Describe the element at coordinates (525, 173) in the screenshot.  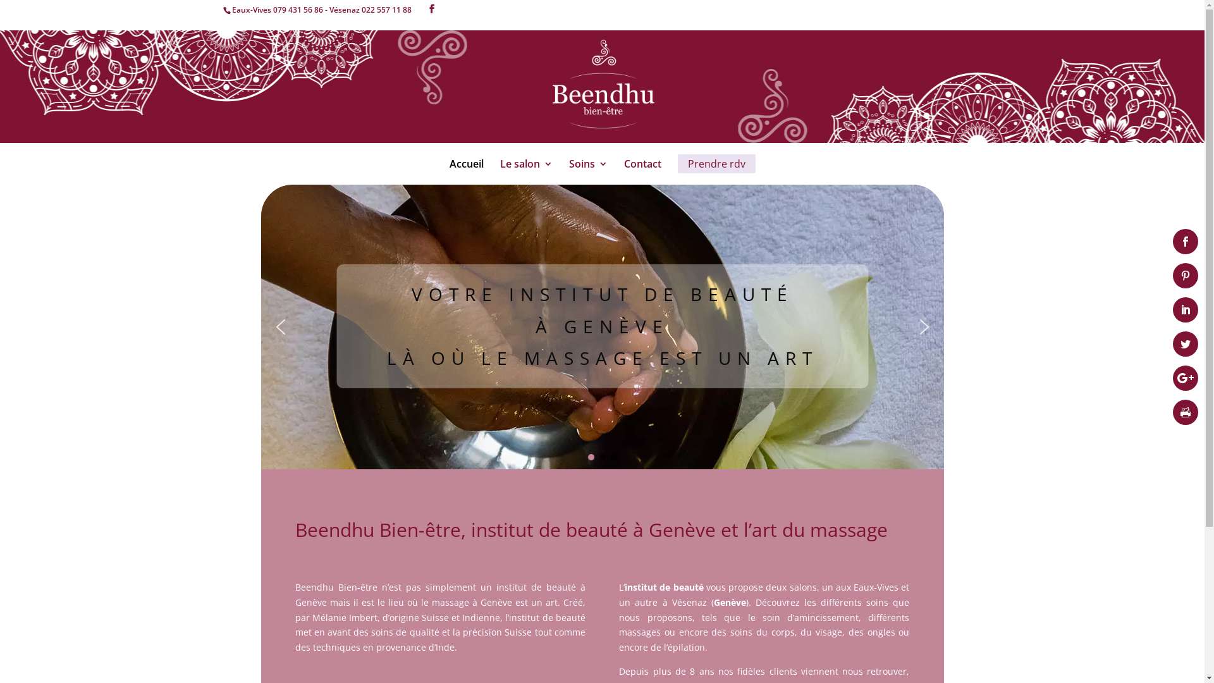
I see `'Le salon'` at that location.